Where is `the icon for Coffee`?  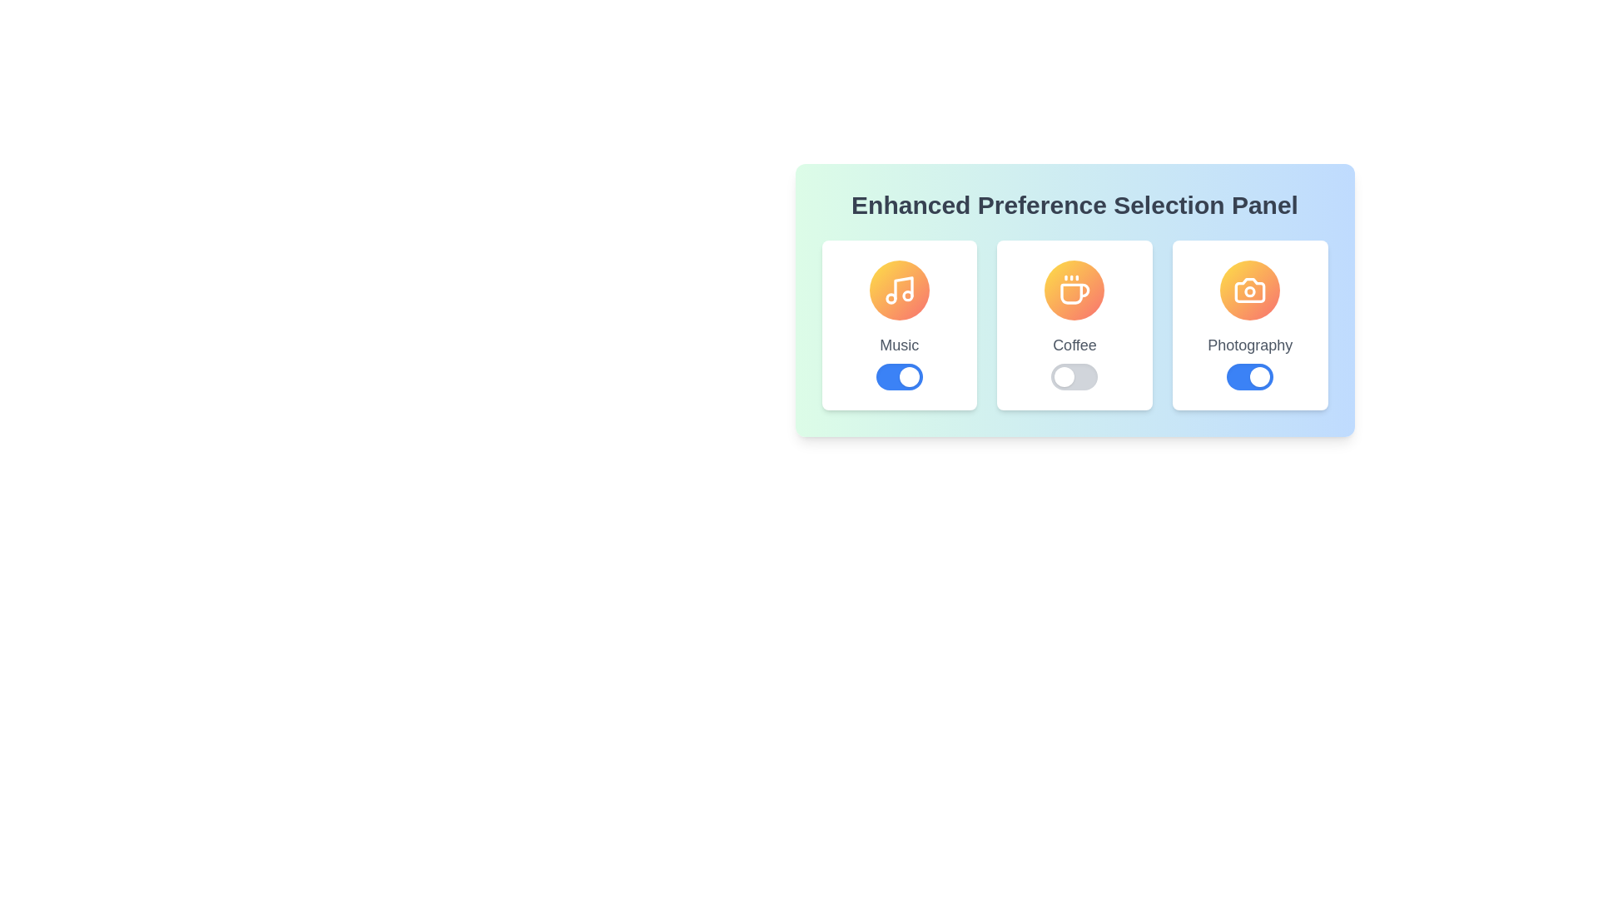
the icon for Coffee is located at coordinates (1074, 289).